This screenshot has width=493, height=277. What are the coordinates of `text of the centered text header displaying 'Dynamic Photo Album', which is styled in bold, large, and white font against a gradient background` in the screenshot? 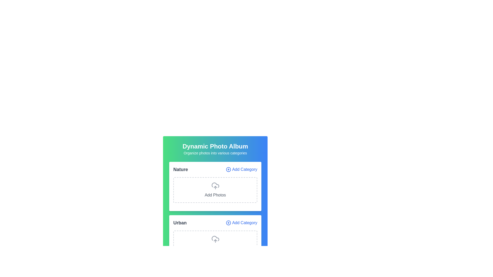 It's located at (215, 146).